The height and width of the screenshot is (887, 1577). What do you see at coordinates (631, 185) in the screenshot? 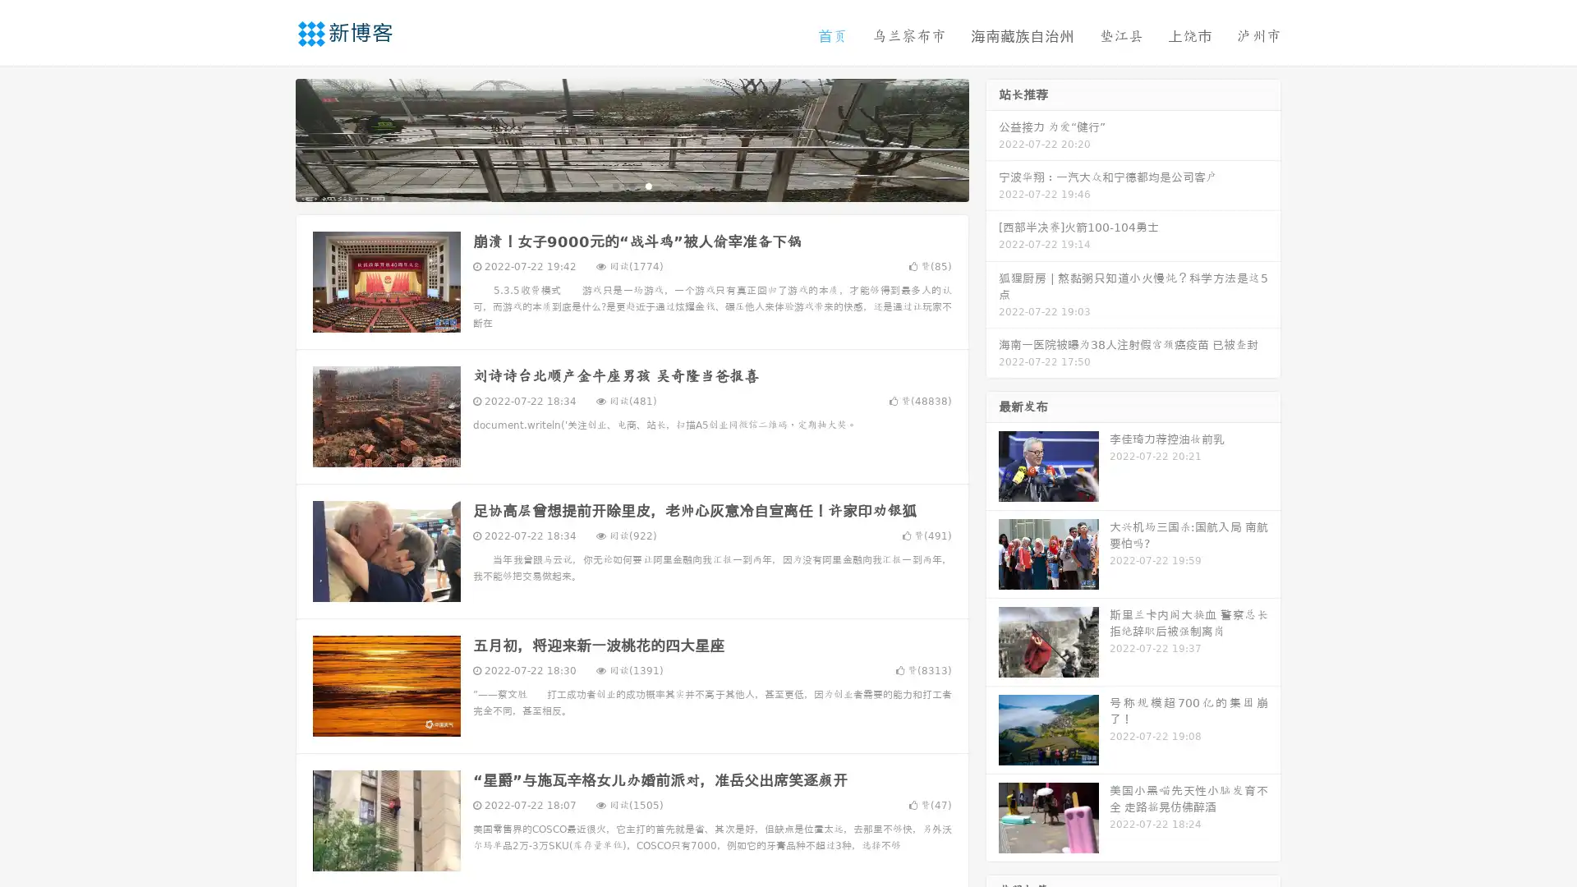
I see `Go to slide 2` at bounding box center [631, 185].